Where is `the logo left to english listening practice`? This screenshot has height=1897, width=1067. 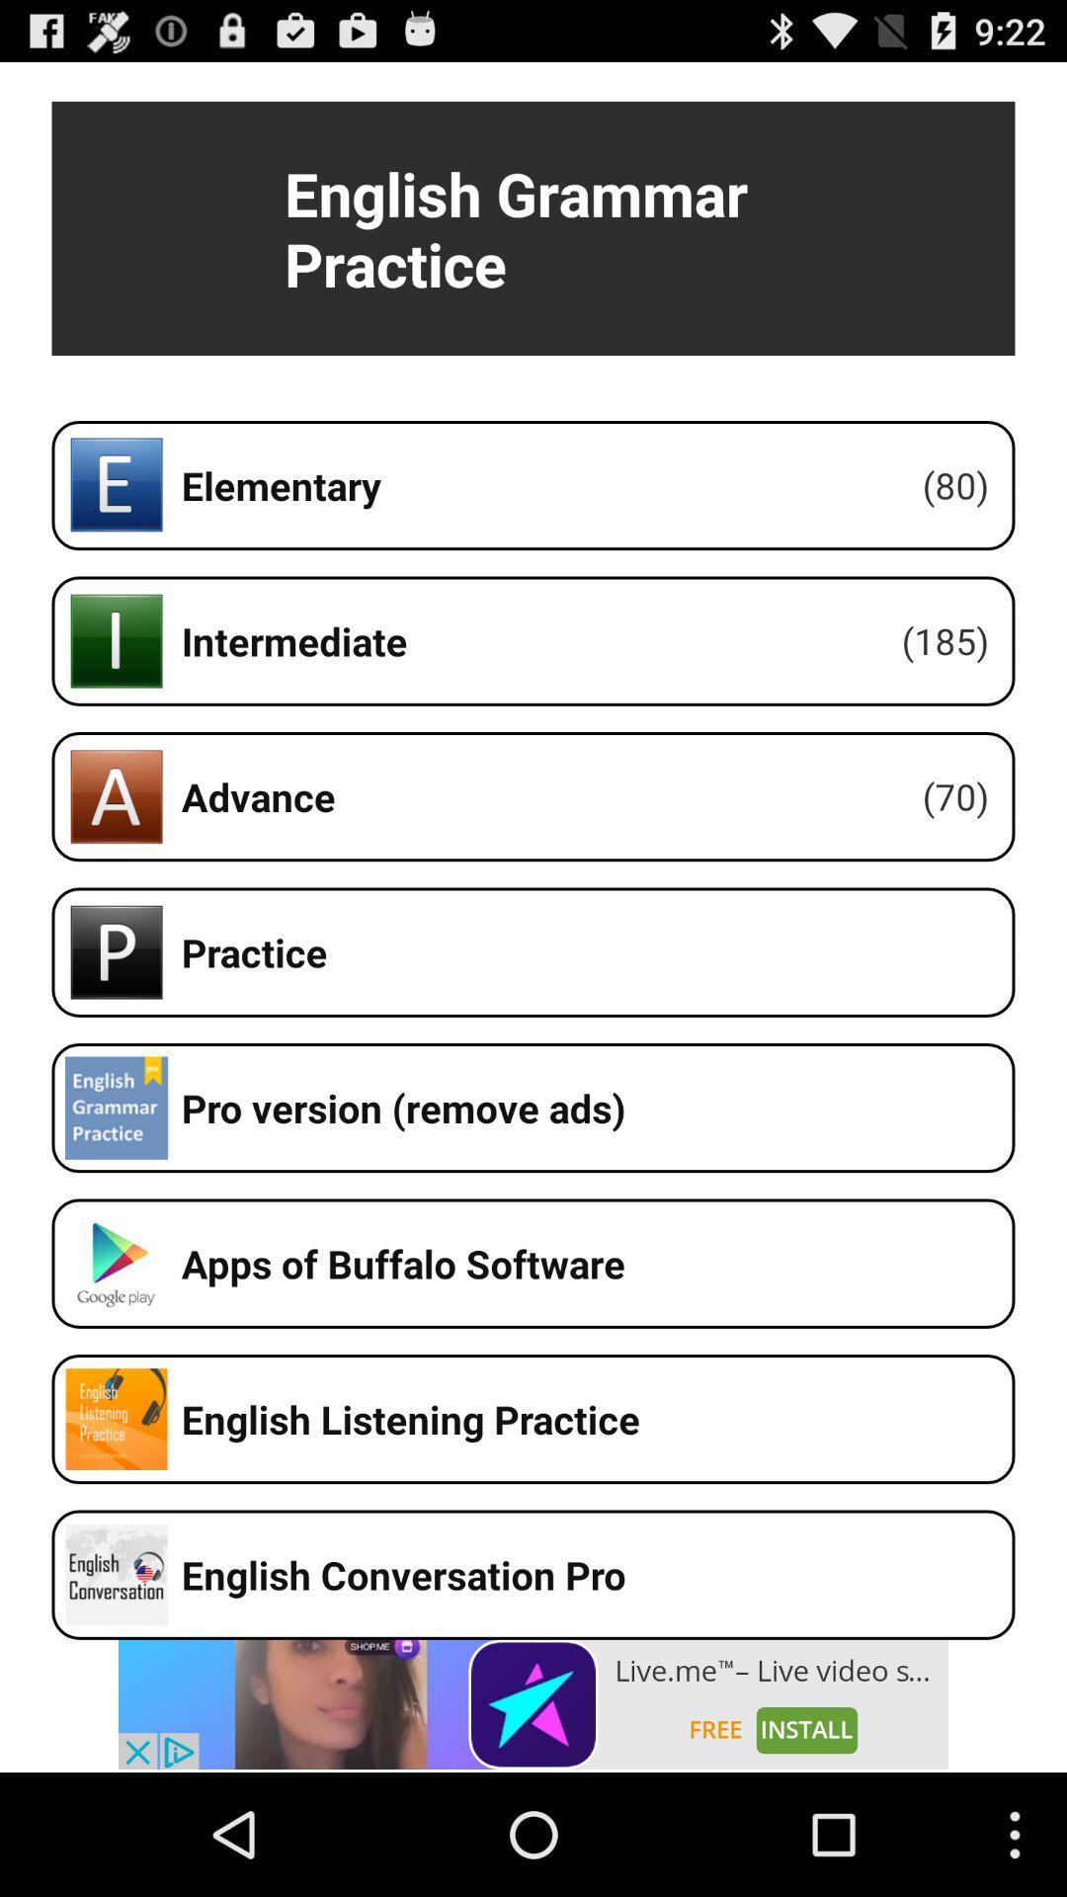
the logo left to english listening practice is located at coordinates (117, 1418).